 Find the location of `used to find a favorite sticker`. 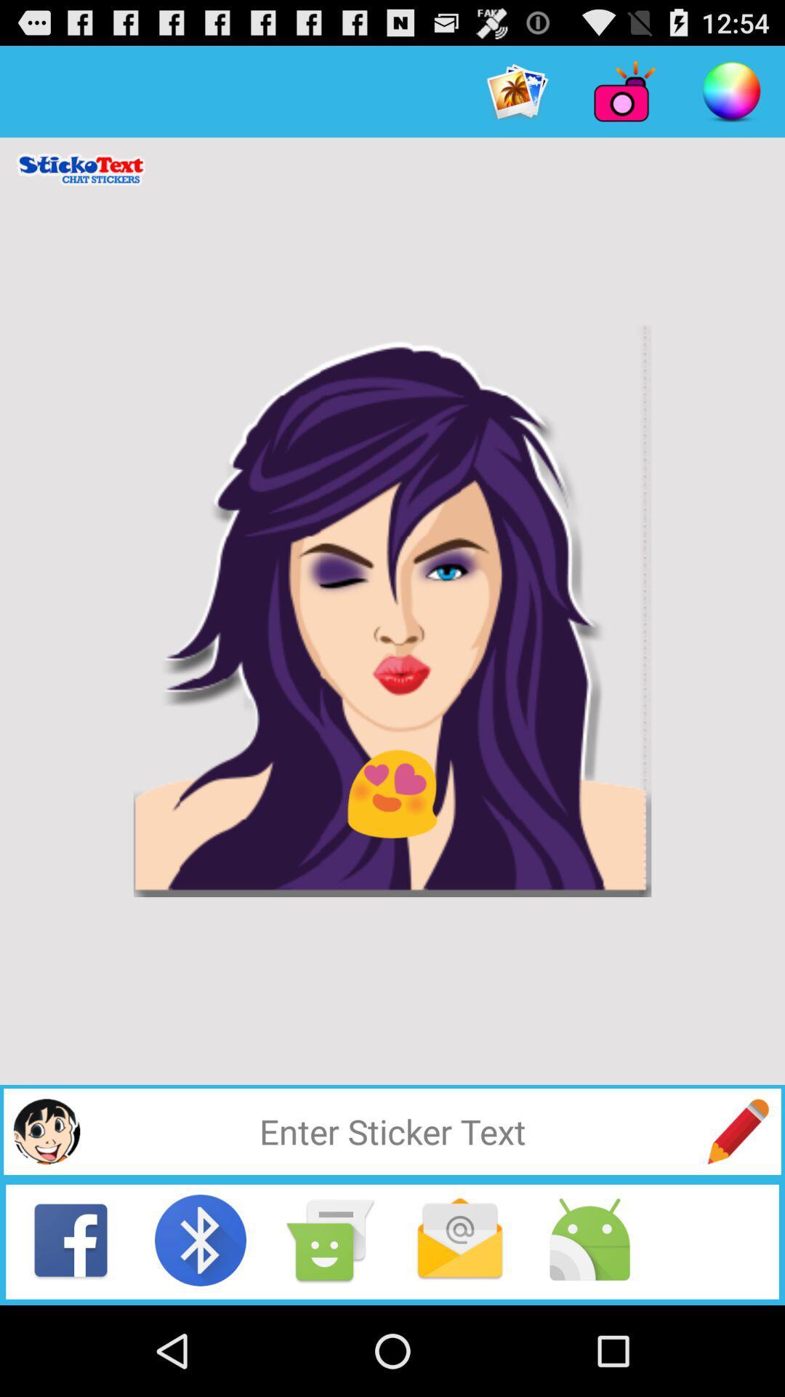

used to find a favorite sticker is located at coordinates (738, 1131).